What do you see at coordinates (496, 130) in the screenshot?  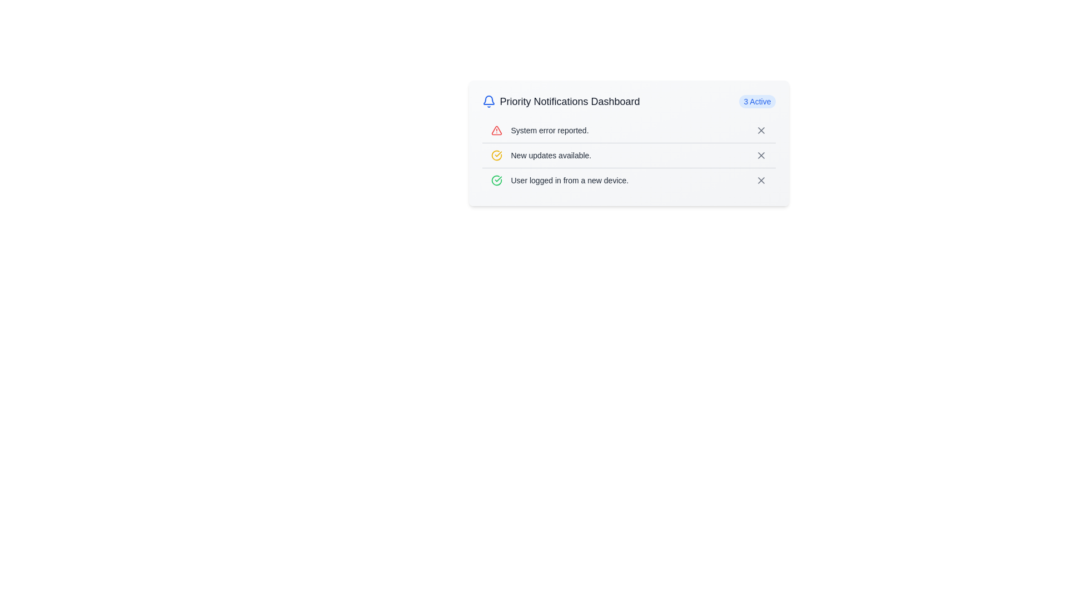 I see `the warning or error notification icon located in the leftmost part of the row labeled 'System error reported.'` at bounding box center [496, 130].